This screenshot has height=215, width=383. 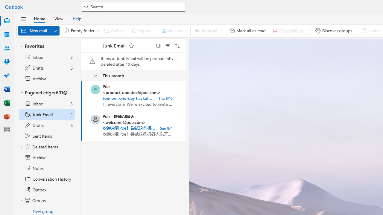 I want to click on 'Favoriting adds the category to your folder pane', so click(x=131, y=45).